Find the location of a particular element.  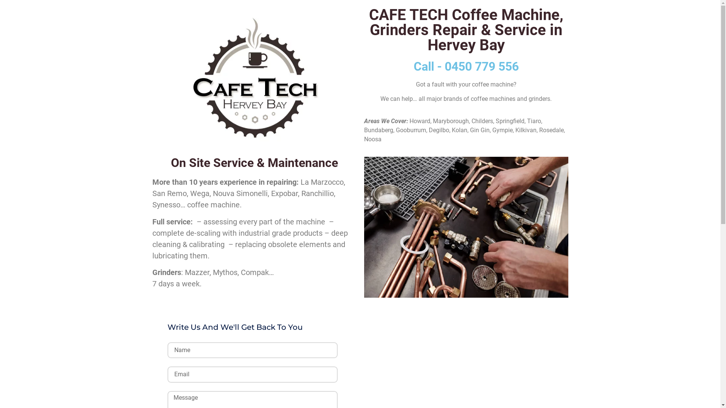

'Call - 0450 779 556' is located at coordinates (466, 66).